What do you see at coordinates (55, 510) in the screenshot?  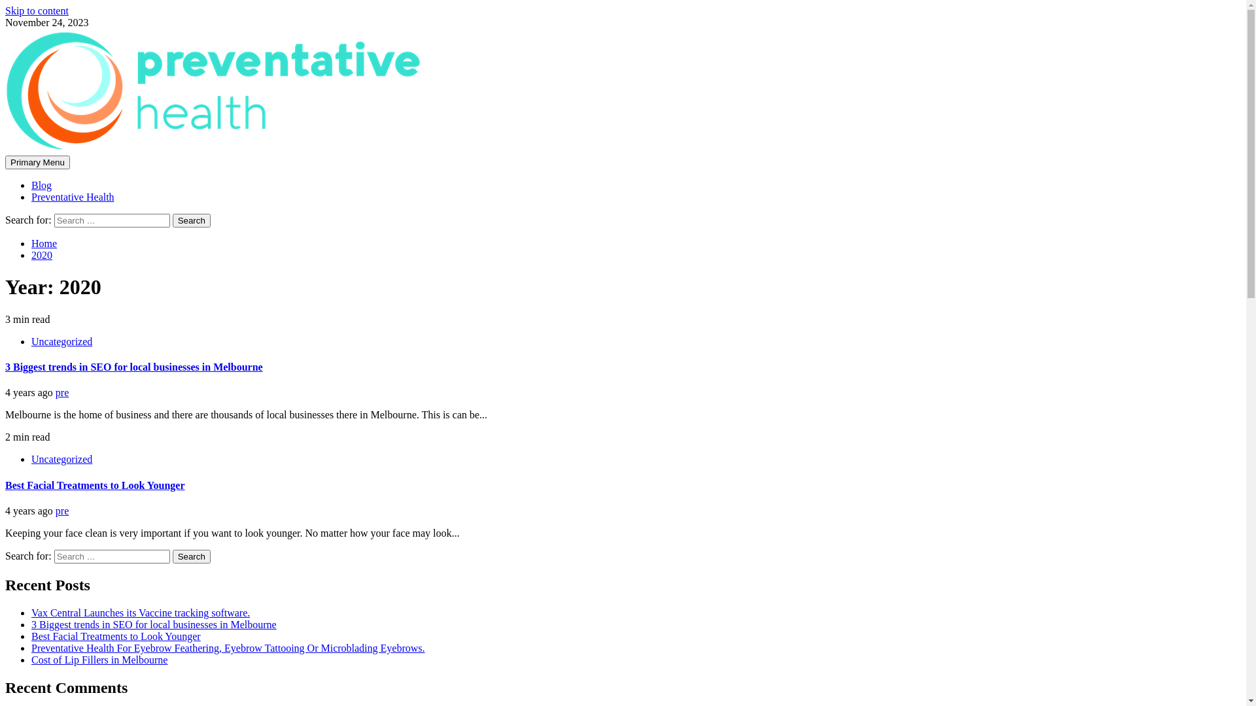 I see `'pre'` at bounding box center [55, 510].